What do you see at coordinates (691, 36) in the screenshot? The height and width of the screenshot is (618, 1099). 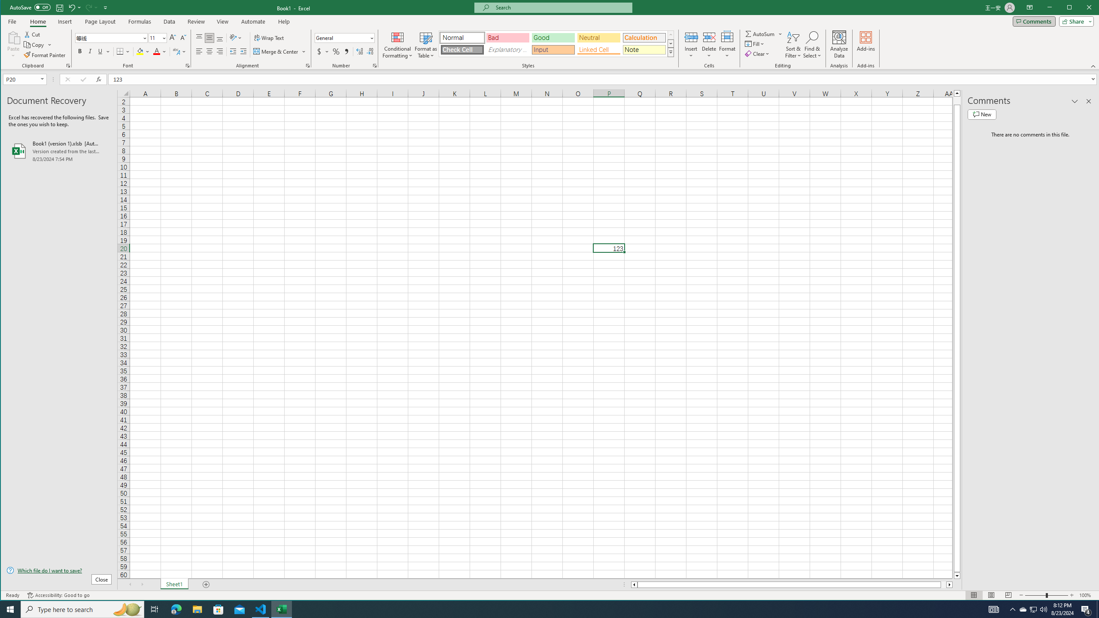 I see `'Insert Cells'` at bounding box center [691, 36].